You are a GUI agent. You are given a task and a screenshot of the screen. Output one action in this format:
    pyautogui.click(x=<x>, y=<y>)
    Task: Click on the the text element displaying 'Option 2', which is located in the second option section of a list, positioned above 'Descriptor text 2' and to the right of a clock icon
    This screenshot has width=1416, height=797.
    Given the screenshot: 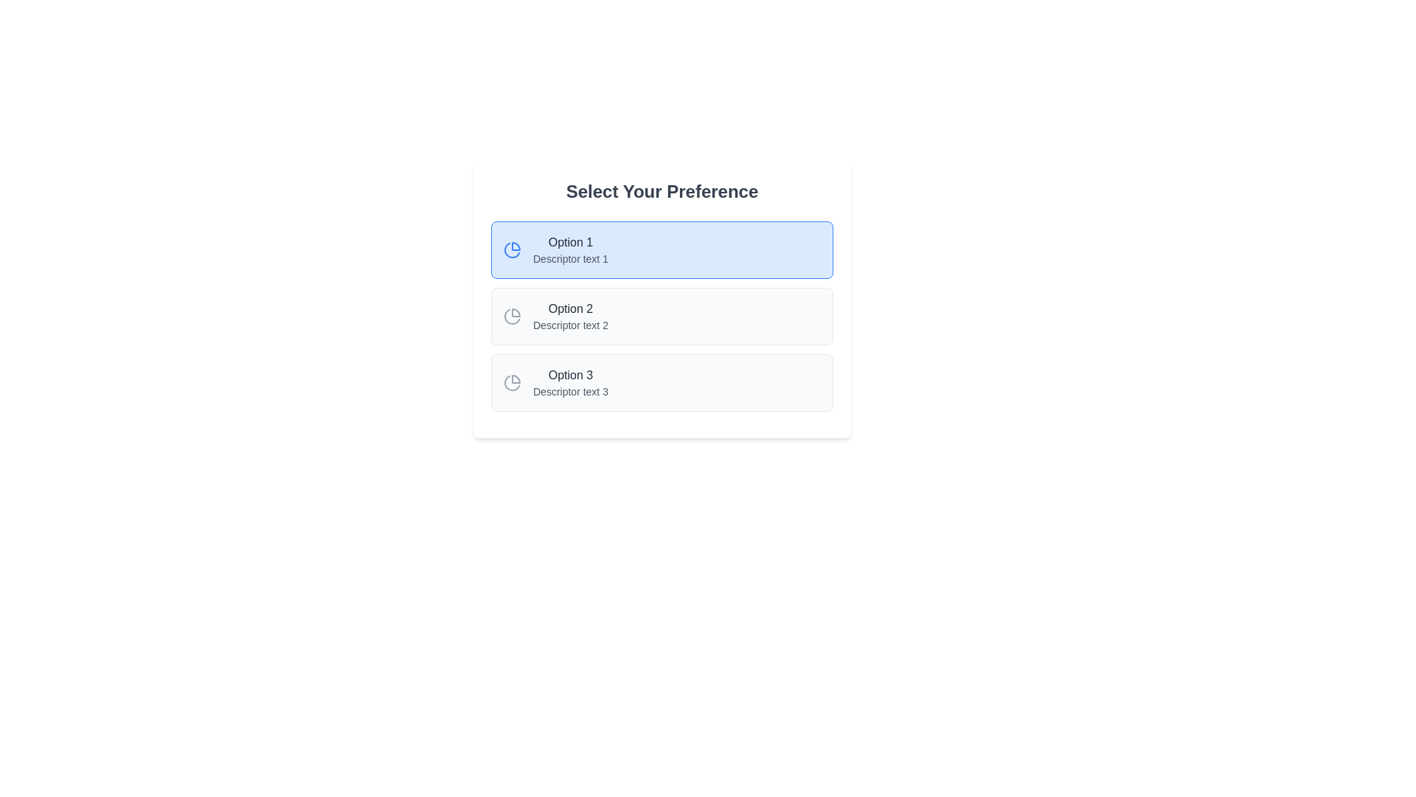 What is the action you would take?
    pyautogui.click(x=569, y=308)
    